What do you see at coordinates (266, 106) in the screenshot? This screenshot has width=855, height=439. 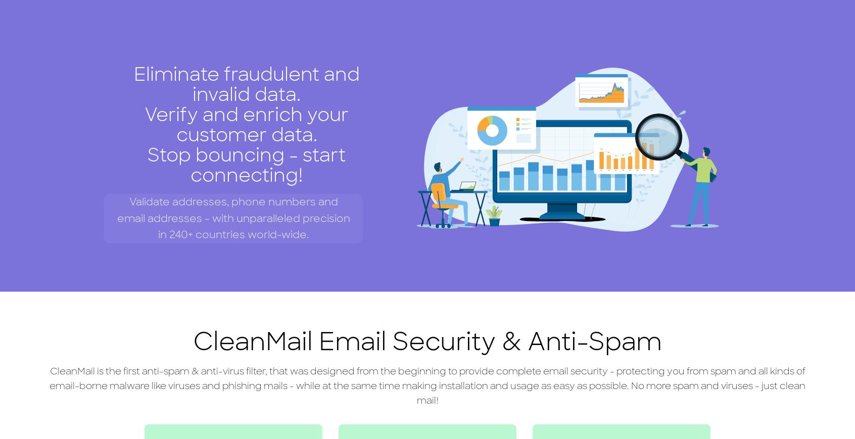 I see `'POP3-to-SMTP Connector'` at bounding box center [266, 106].